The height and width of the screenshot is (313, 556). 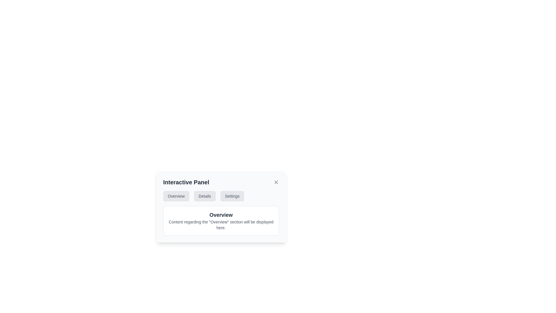 I want to click on the close button located at the top-right corner of the 'Interactive Panel' to change its color, so click(x=276, y=182).